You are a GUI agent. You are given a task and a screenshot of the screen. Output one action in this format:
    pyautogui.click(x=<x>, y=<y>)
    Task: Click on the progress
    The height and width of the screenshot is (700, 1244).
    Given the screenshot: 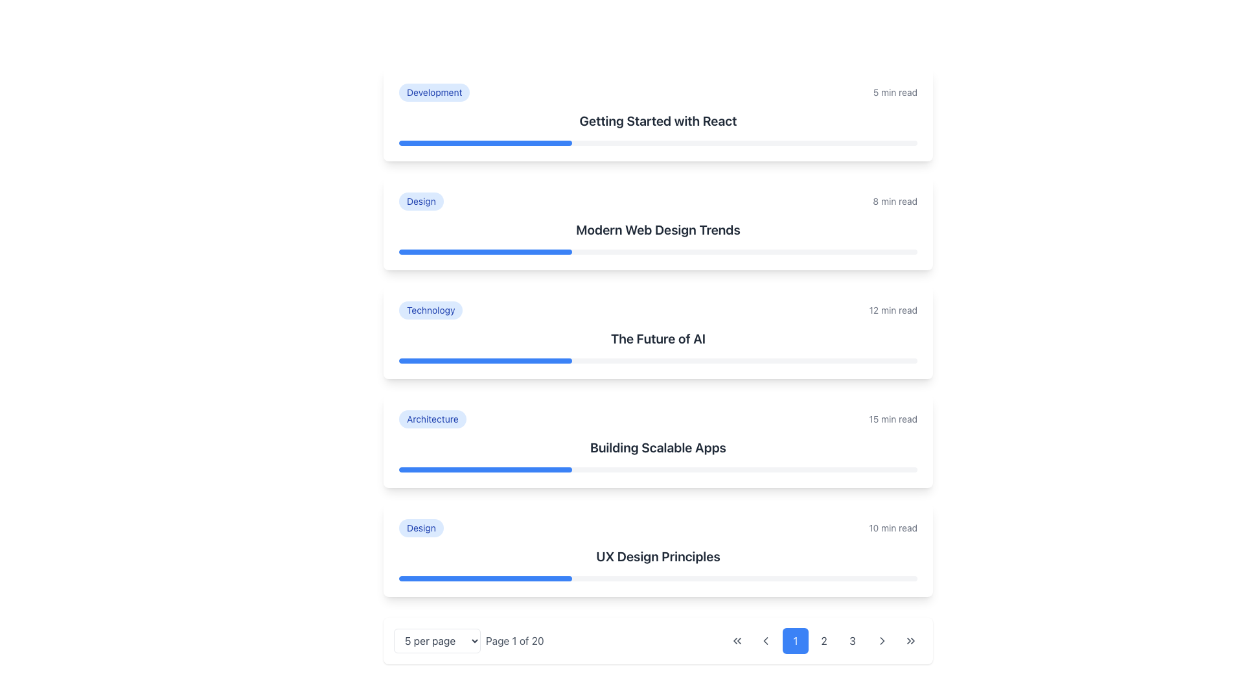 What is the action you would take?
    pyautogui.click(x=777, y=252)
    